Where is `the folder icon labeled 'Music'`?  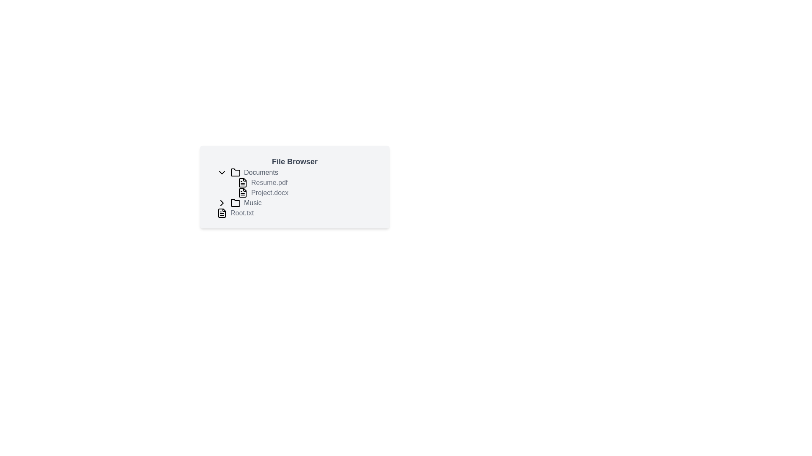
the folder icon labeled 'Music' is located at coordinates (239, 203).